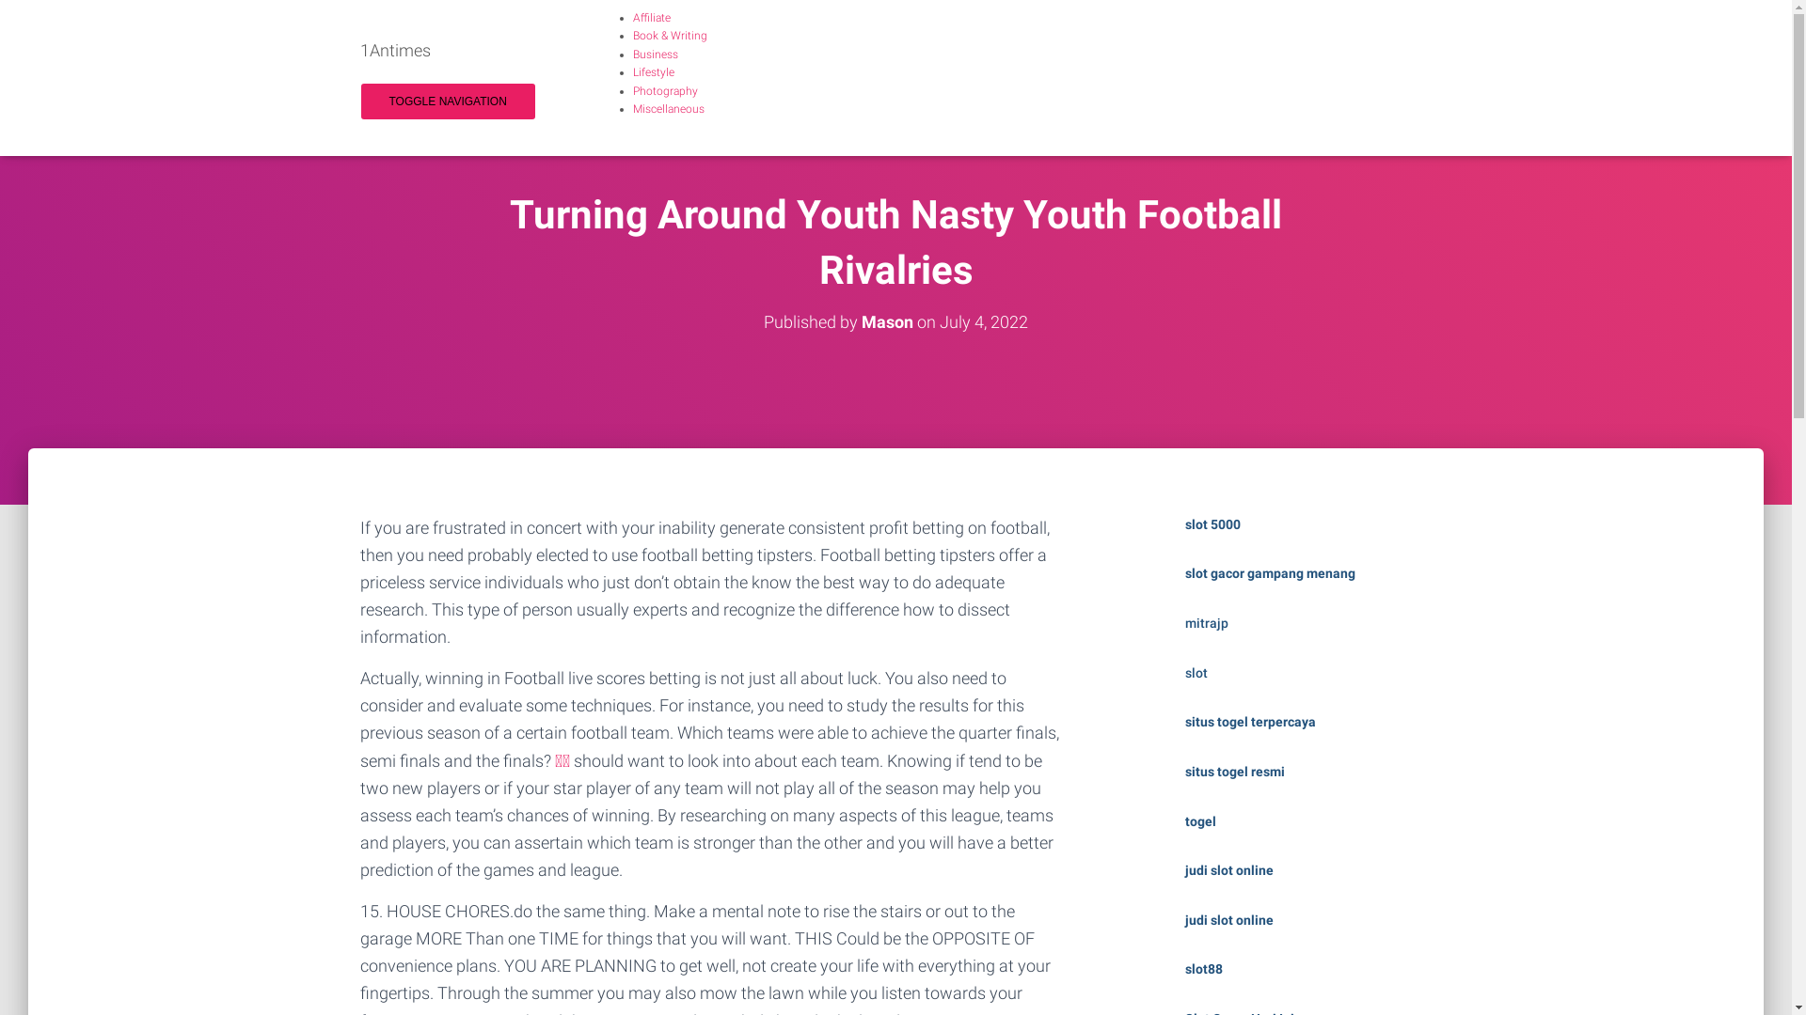 The height and width of the screenshot is (1015, 1806). I want to click on 'Business', so click(655, 53).